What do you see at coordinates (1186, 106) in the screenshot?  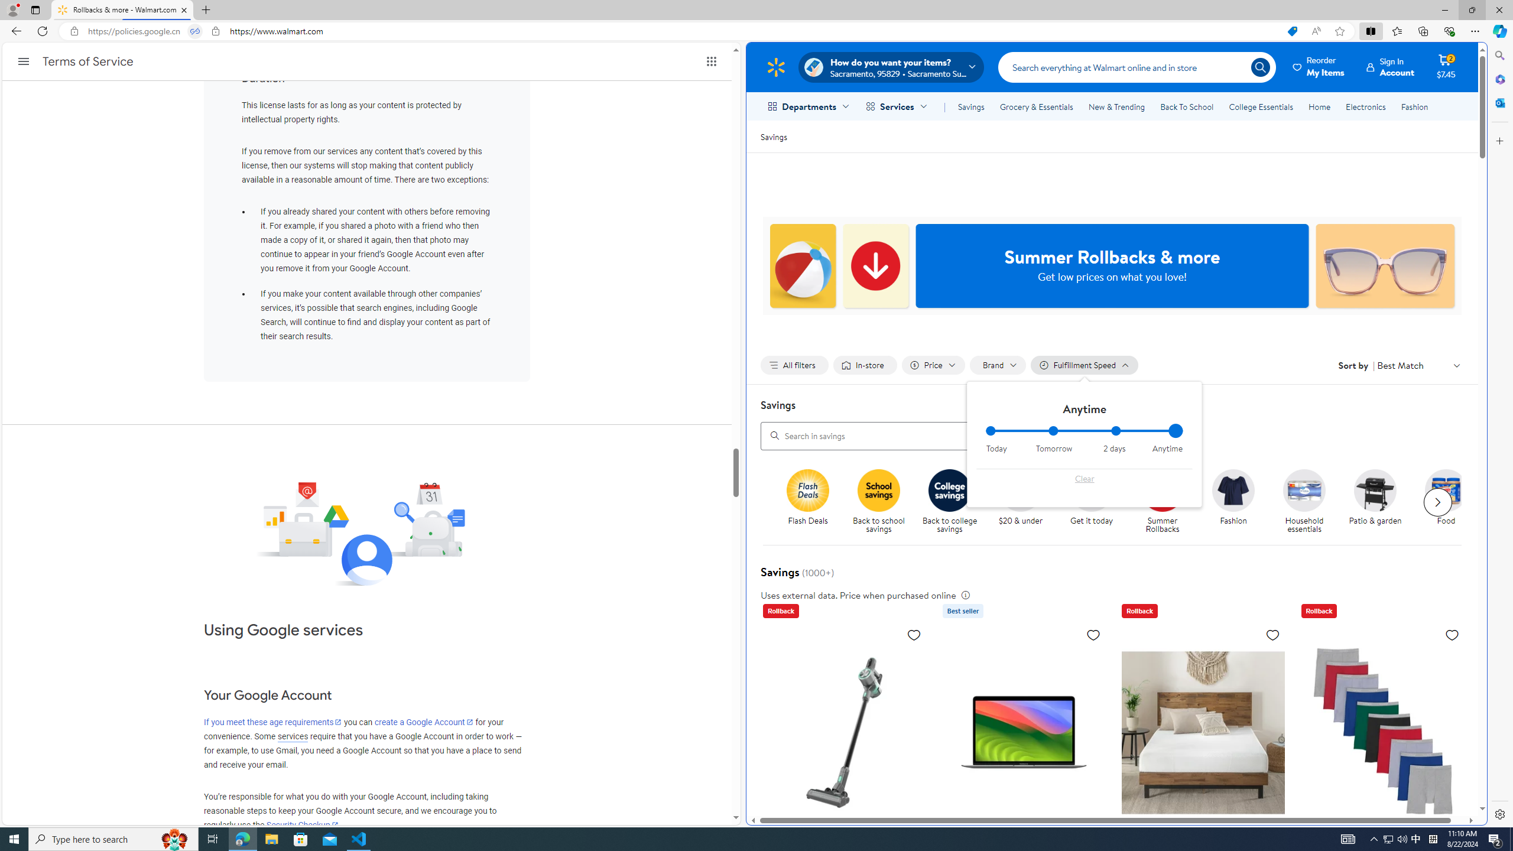 I see `'Back To School'` at bounding box center [1186, 106].